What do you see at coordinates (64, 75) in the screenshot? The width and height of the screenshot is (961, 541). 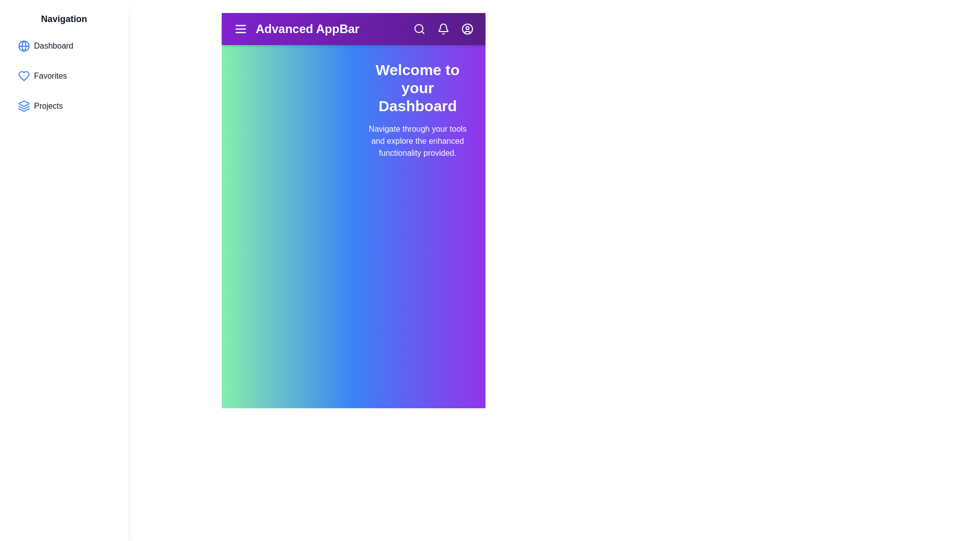 I see `the navigation item Favorites` at bounding box center [64, 75].